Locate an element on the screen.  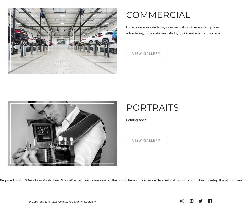
'How to setup the plugin here' is located at coordinates (219, 180).